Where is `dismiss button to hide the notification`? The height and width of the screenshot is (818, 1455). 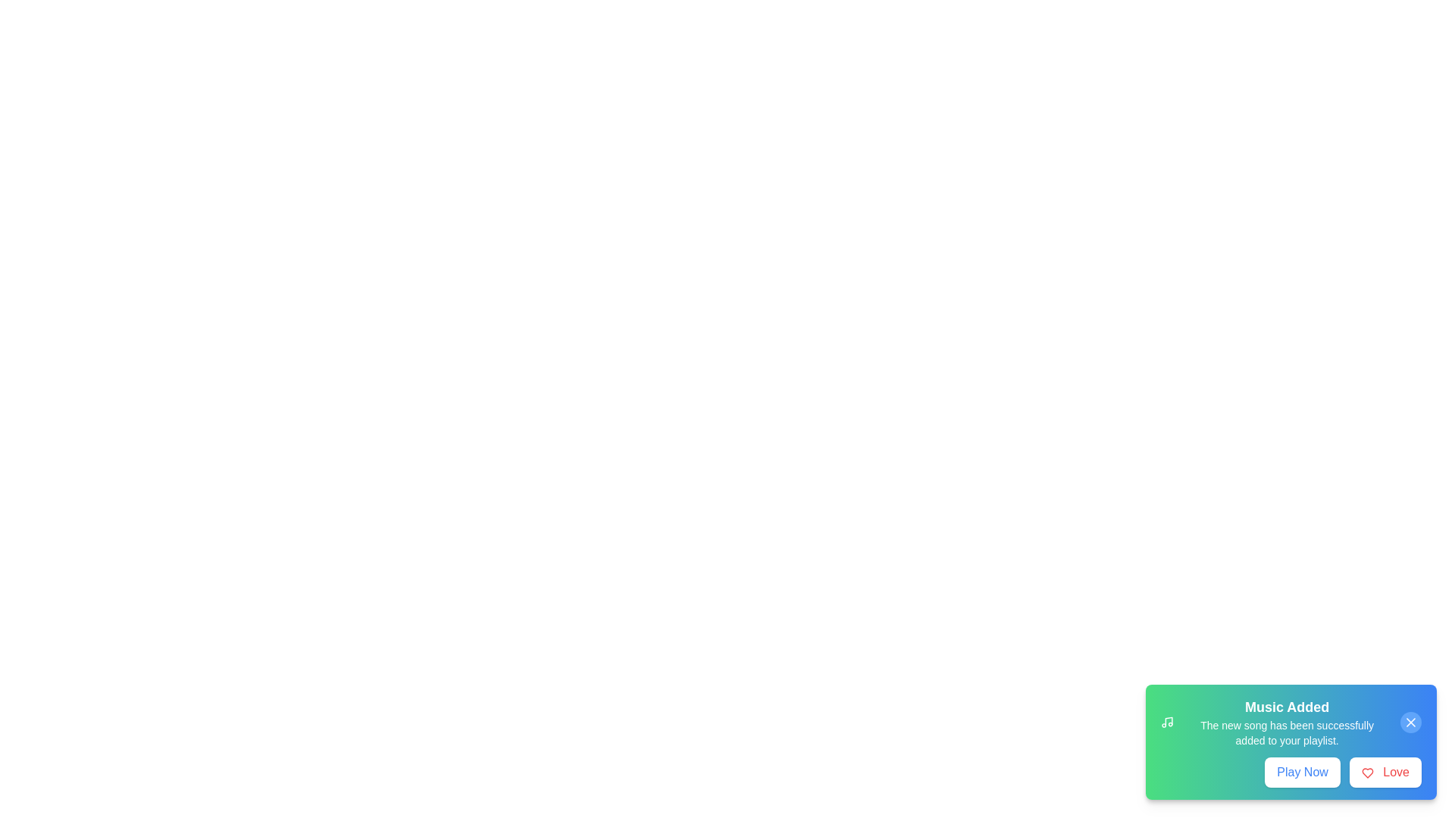 dismiss button to hide the notification is located at coordinates (1410, 721).